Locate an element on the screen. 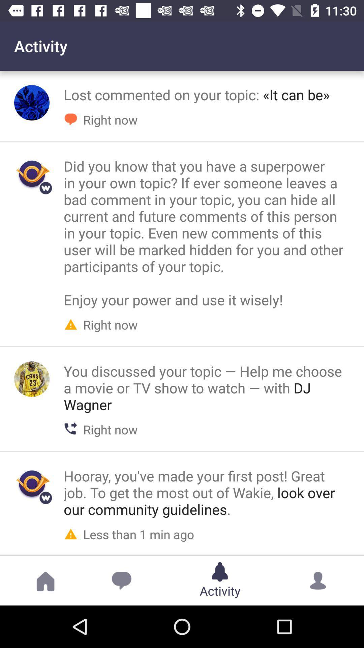 The height and width of the screenshot is (648, 364). the home button is located at coordinates (45, 580).